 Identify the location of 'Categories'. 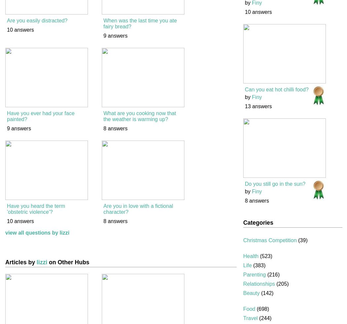
(258, 222).